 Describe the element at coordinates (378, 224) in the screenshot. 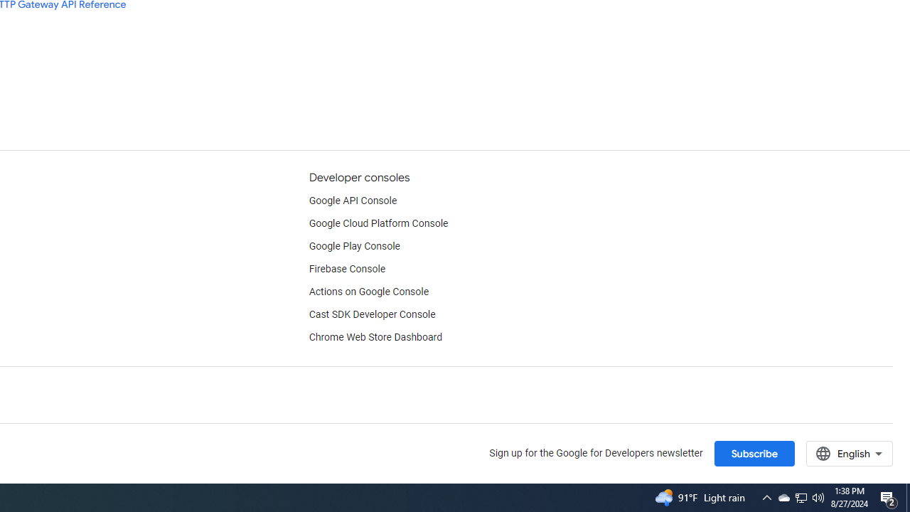

I see `'Google Cloud Platform Console'` at that location.